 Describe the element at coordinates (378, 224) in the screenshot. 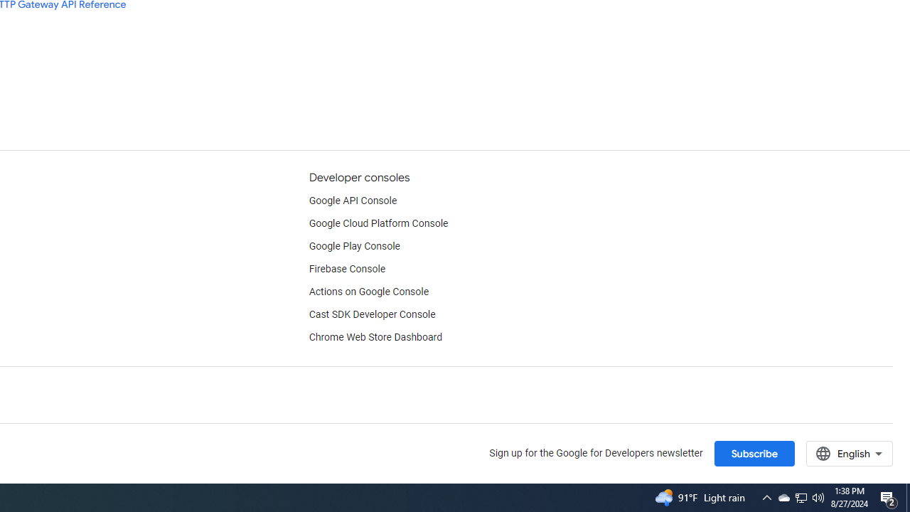

I see `'Google Cloud Platform Console'` at that location.